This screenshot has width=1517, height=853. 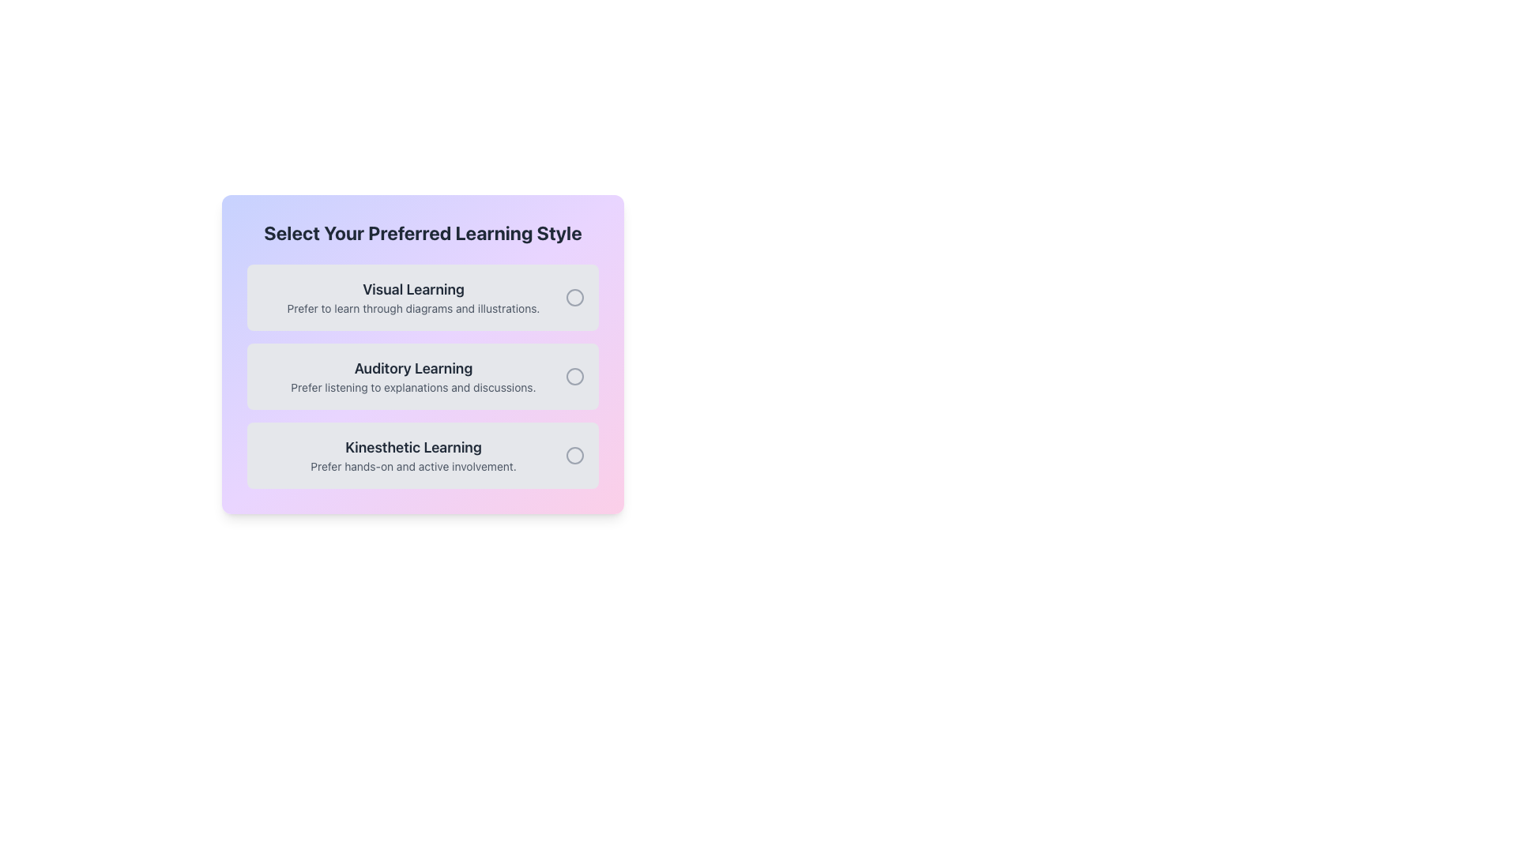 I want to click on the text element reading 'Auditory Learning', which is styled in bold, large font and dark gray color, positioned prominently as the first item in a list of learning styles, so click(x=413, y=368).